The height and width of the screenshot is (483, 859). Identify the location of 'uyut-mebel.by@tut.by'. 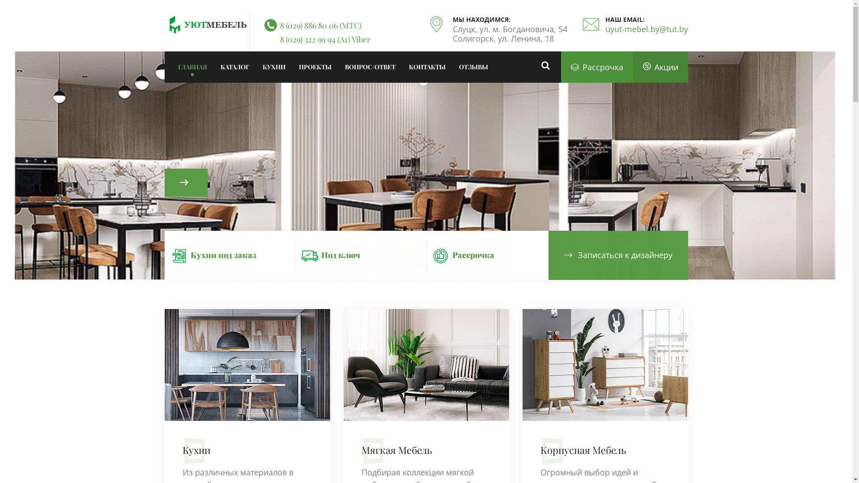
(605, 29).